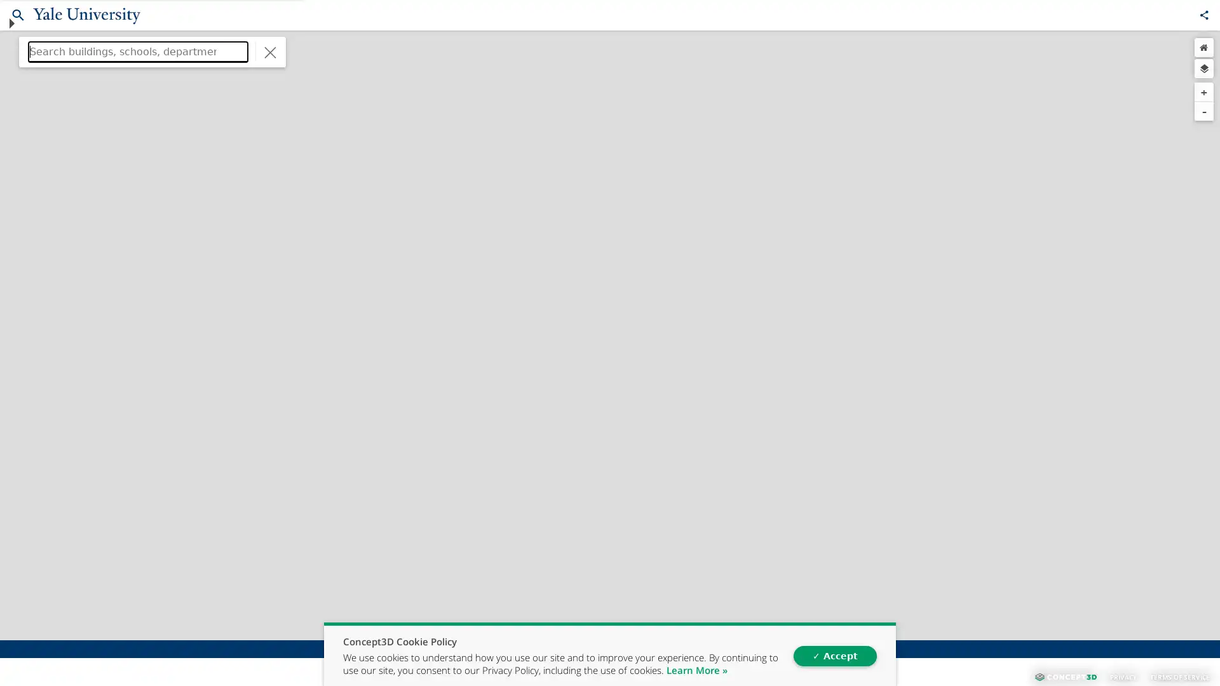 This screenshot has width=1220, height=686. I want to click on Zoom in, so click(1203, 92).